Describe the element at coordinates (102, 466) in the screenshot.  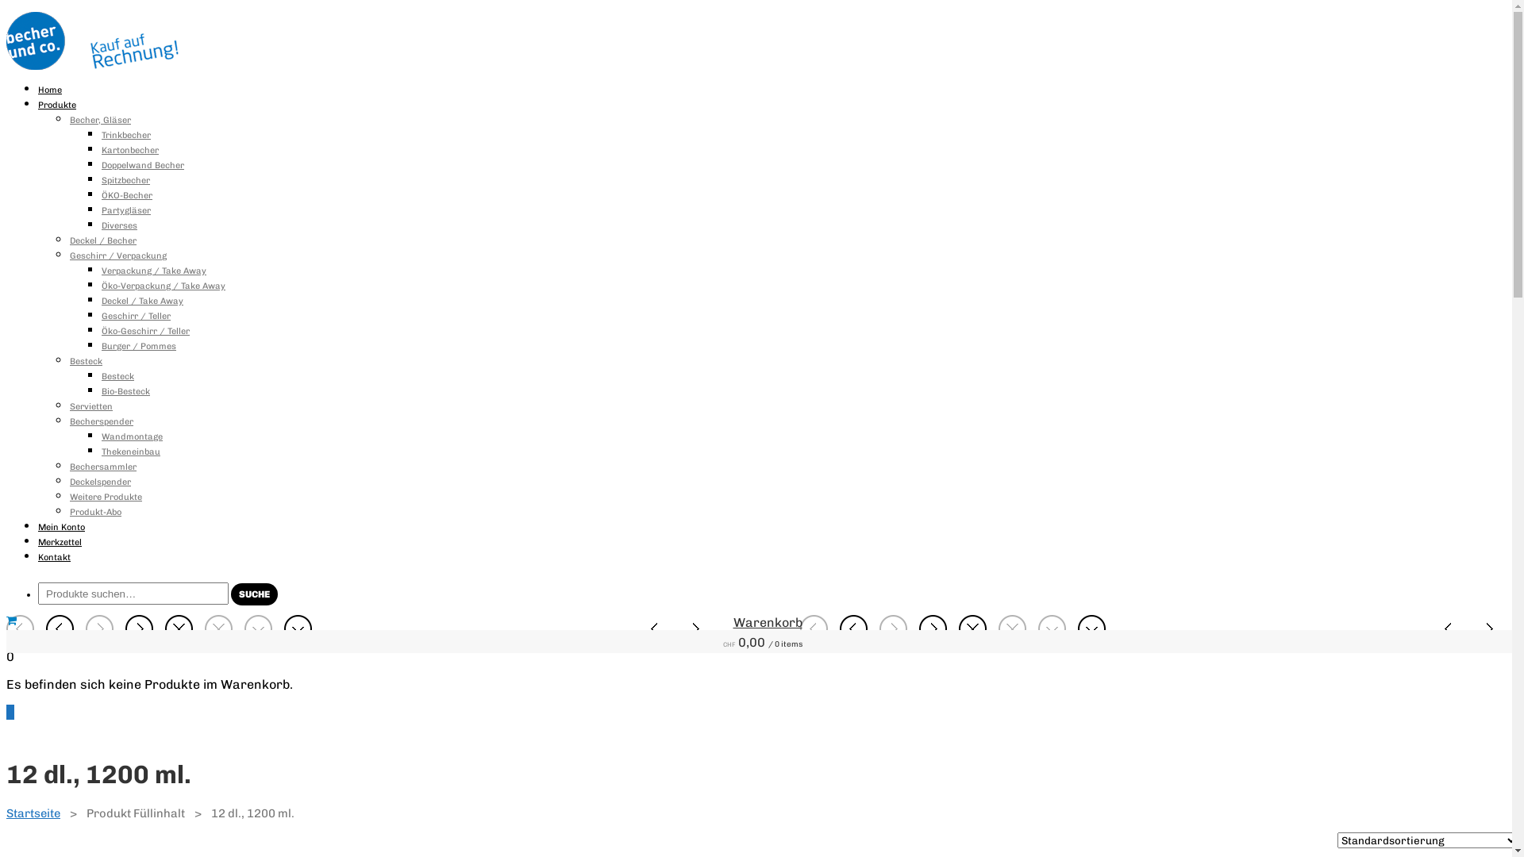
I see `'Bechersammler'` at that location.